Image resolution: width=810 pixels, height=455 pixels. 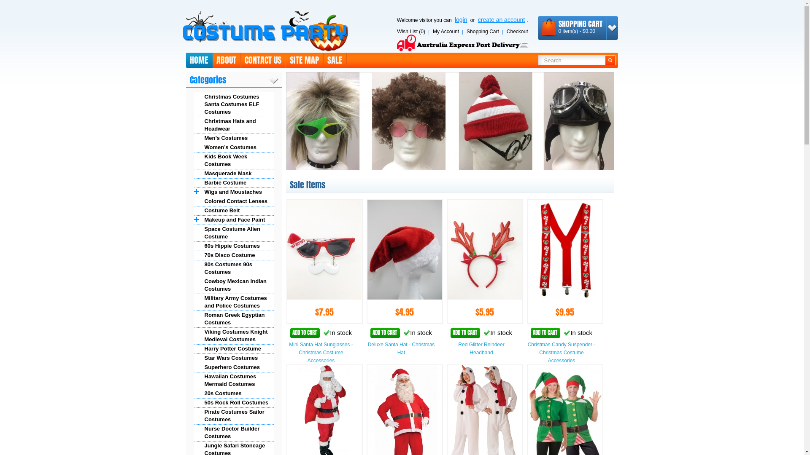 What do you see at coordinates (401, 348) in the screenshot?
I see `'Deluxe Santa Hat - Christmas Hat'` at bounding box center [401, 348].